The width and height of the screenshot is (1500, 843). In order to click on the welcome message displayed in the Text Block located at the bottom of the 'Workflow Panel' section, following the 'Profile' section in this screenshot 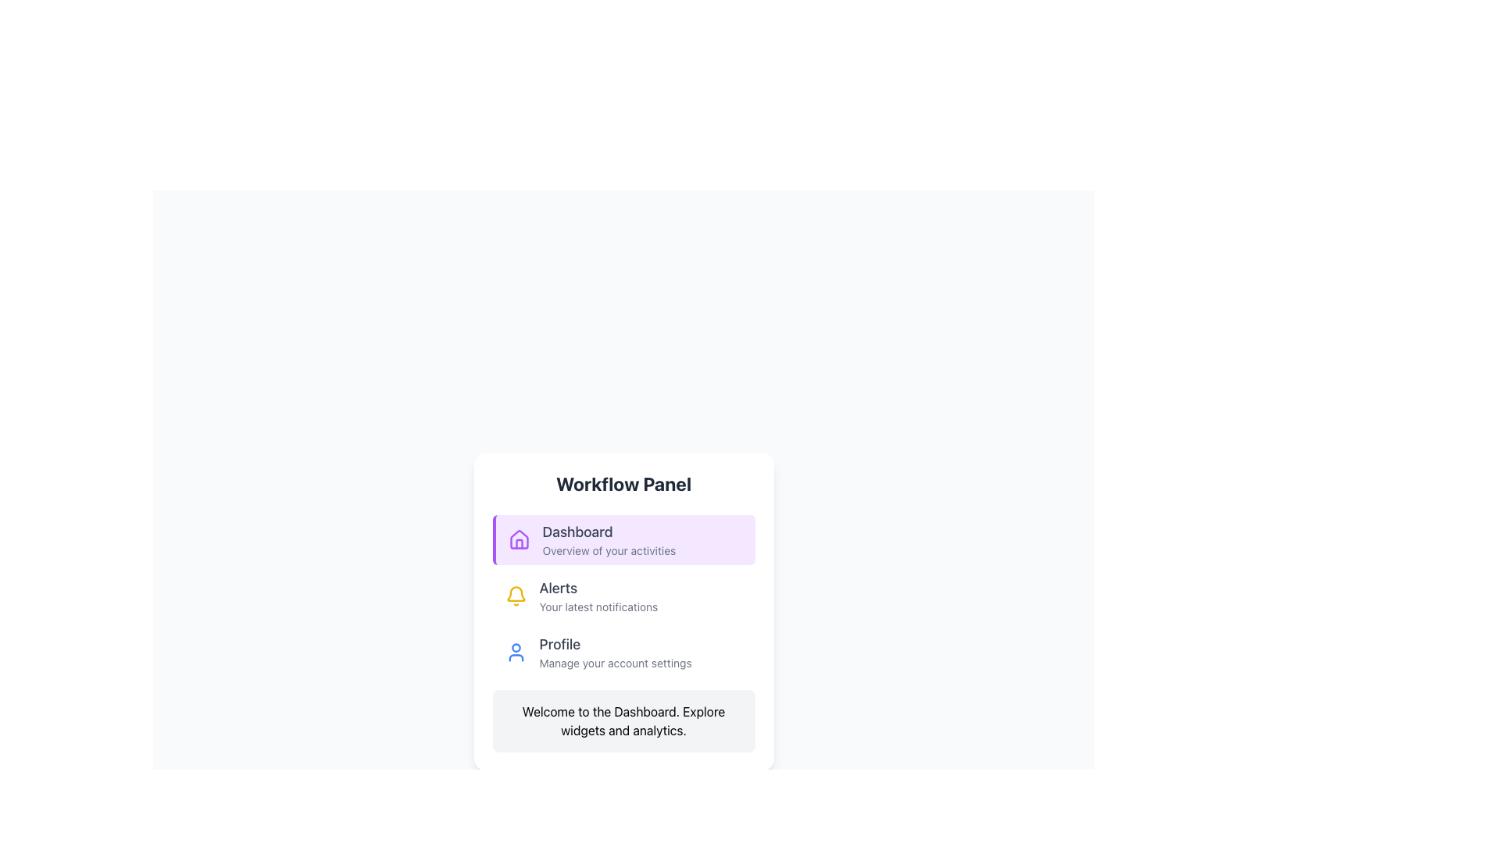, I will do `click(623, 721)`.